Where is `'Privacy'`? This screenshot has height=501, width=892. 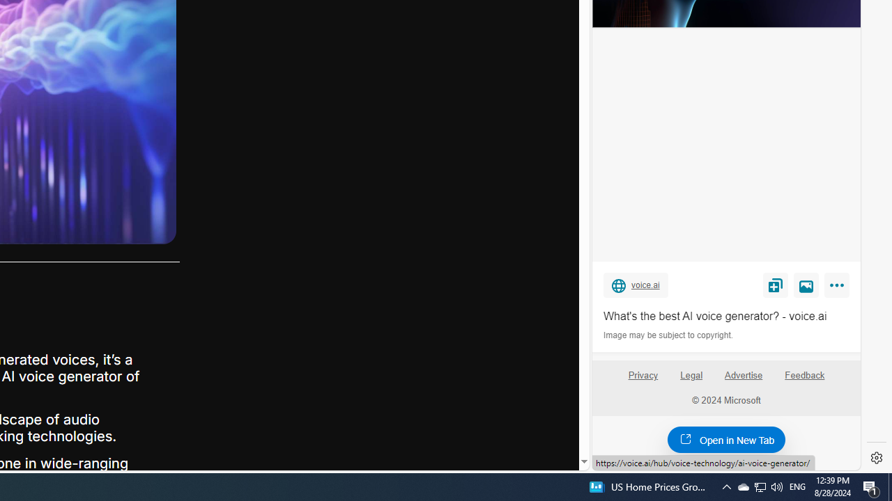
'Privacy' is located at coordinates (642, 381).